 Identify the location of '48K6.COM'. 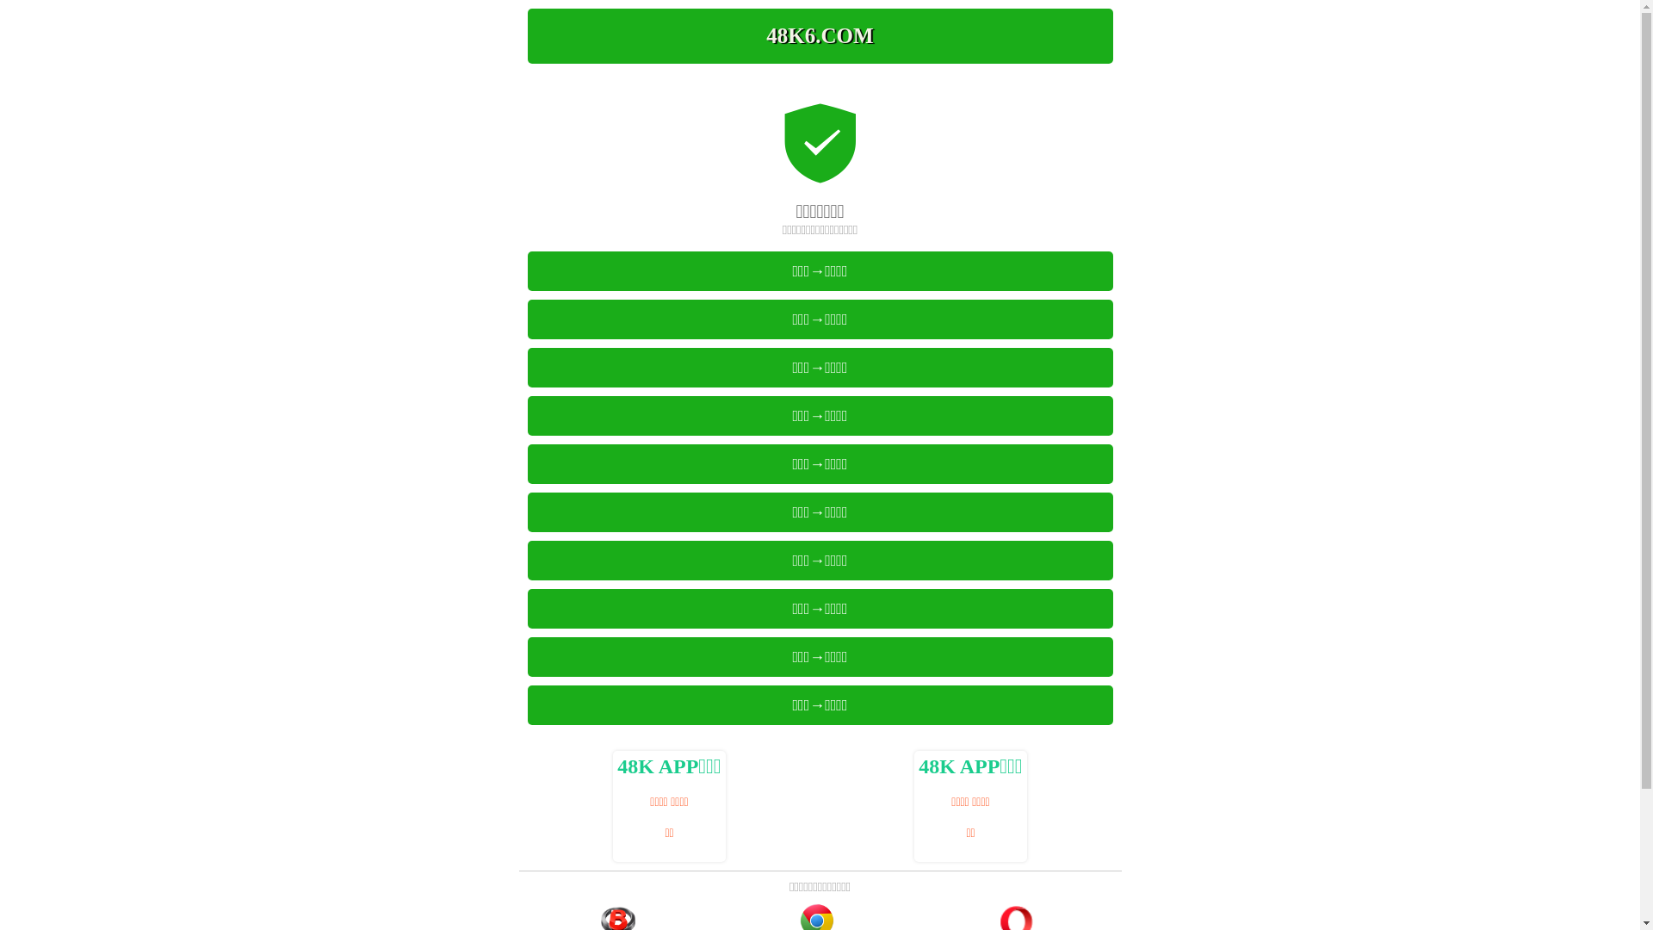
(818, 36).